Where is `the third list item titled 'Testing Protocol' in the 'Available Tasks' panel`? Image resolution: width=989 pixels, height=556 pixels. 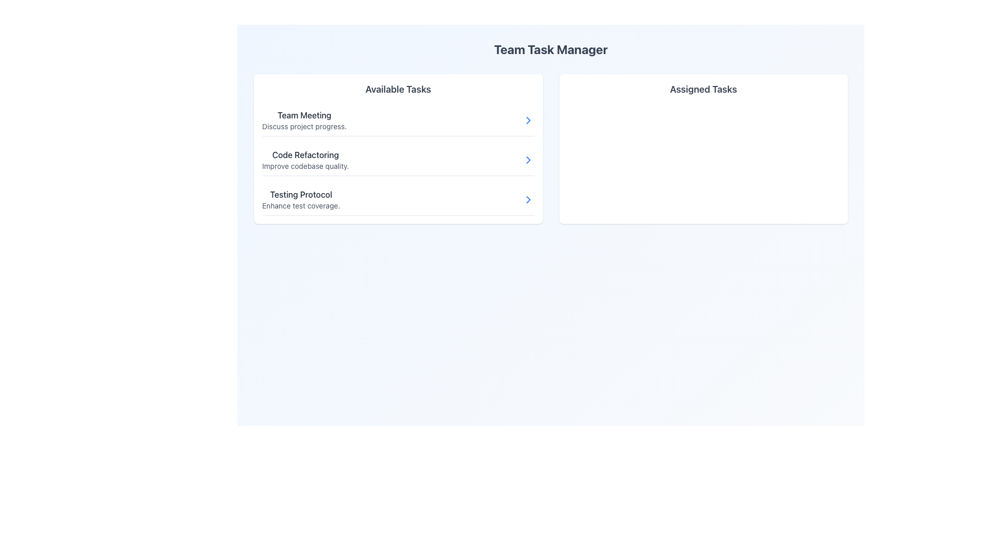 the third list item titled 'Testing Protocol' in the 'Available Tasks' panel is located at coordinates (300, 200).